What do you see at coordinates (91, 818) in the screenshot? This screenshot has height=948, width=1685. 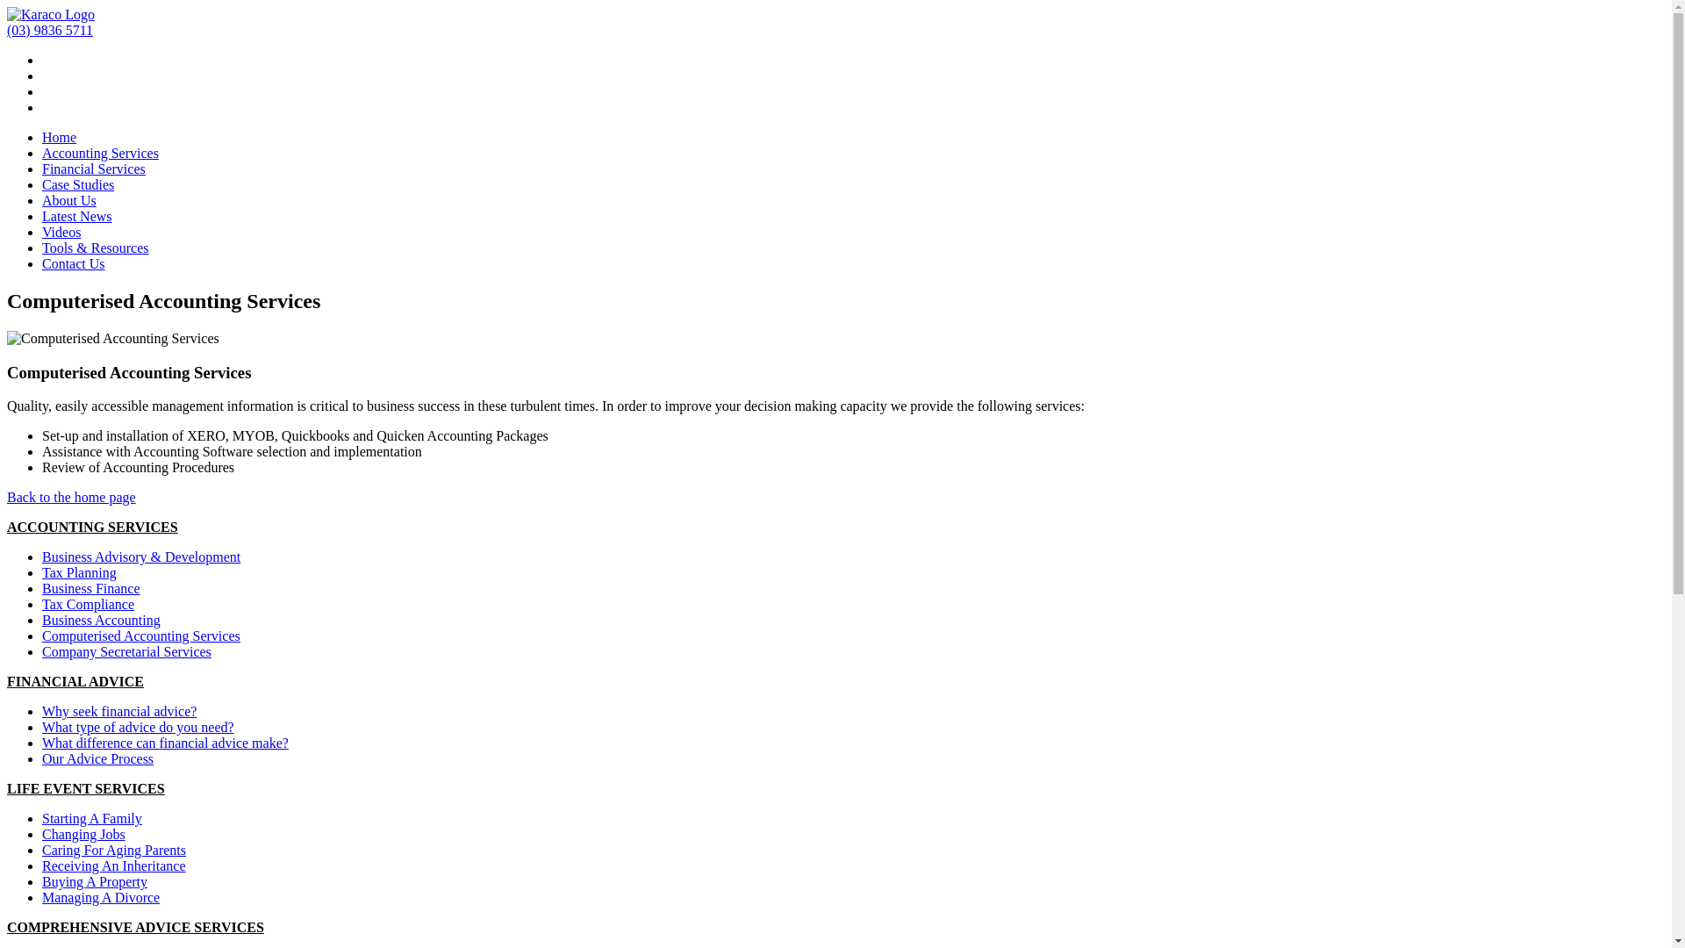 I see `'Starting A Family'` at bounding box center [91, 818].